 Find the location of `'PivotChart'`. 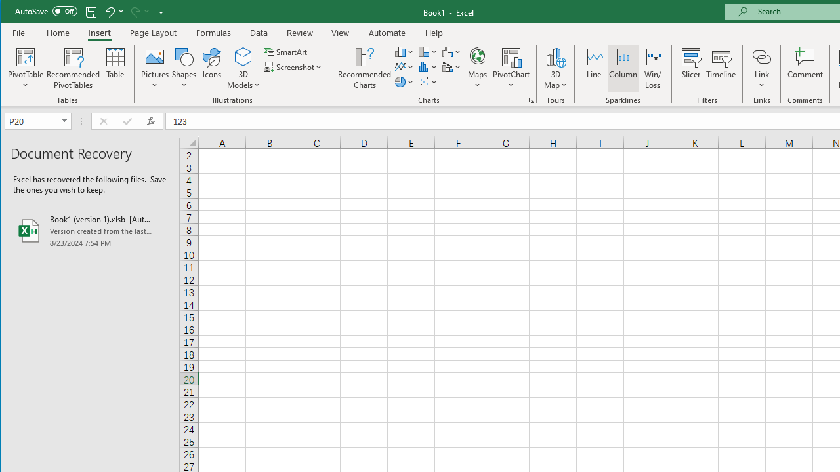

'PivotChart' is located at coordinates (511, 68).